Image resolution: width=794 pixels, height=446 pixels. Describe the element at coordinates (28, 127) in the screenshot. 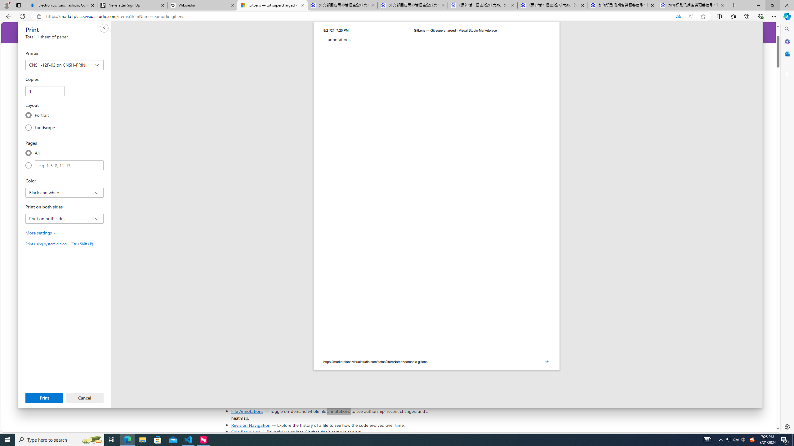

I see `'Landscape'` at that location.